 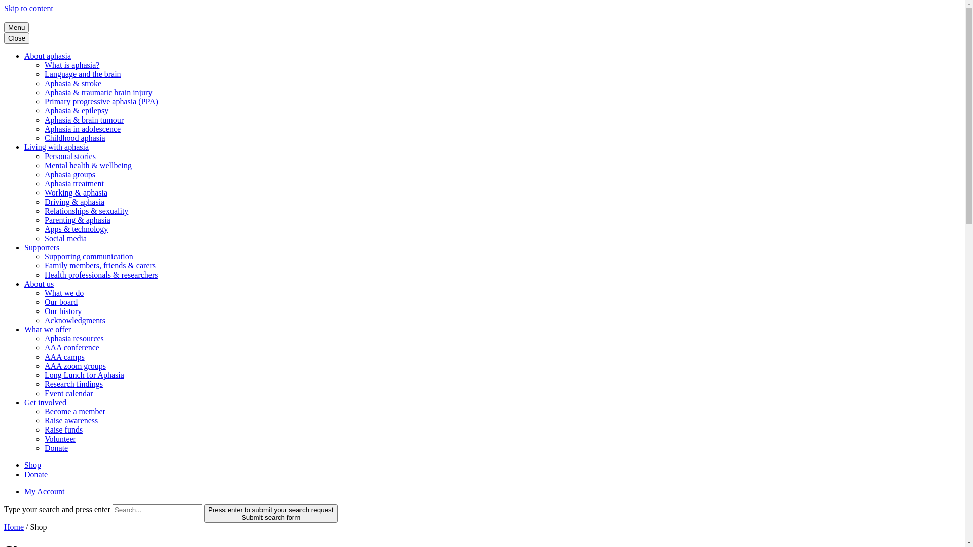 What do you see at coordinates (60, 301) in the screenshot?
I see `'Our board'` at bounding box center [60, 301].